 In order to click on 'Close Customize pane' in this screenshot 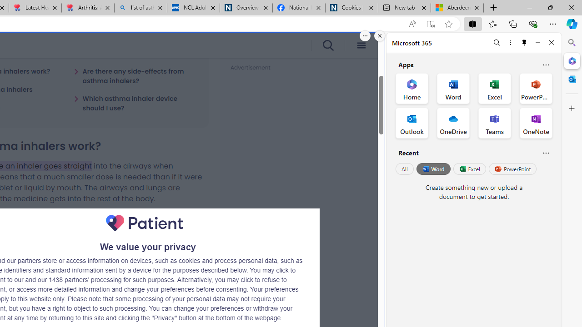, I will do `click(572, 108)`.